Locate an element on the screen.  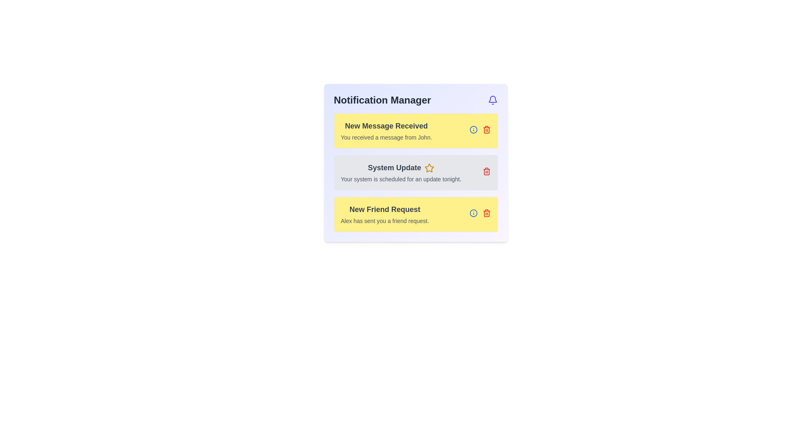
header text 'New Friend Request' which is styled in bold and large gray font, located at the top of the notification card in the list of notifications is located at coordinates (384, 209).